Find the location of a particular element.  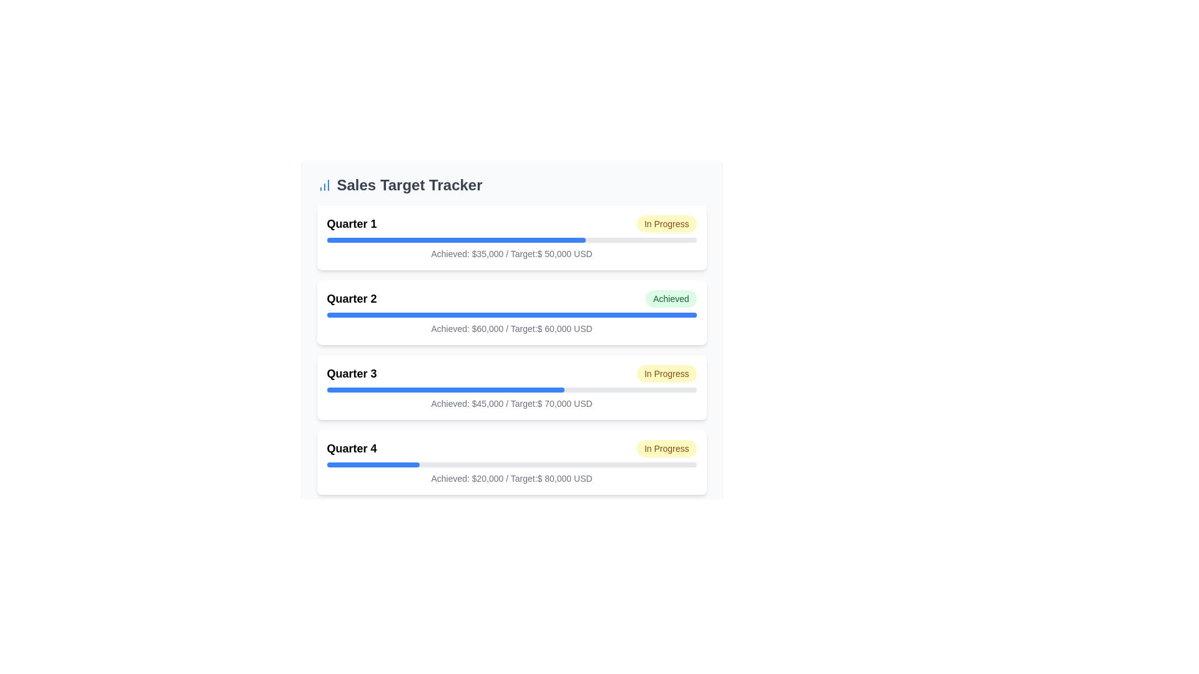

the fill level of the horizontal progress bar located in the 'Quarter 2' section of the 'Sales Target Tracker' interface, positioned below 'Quarter 2 Achieved' is located at coordinates (511, 315).